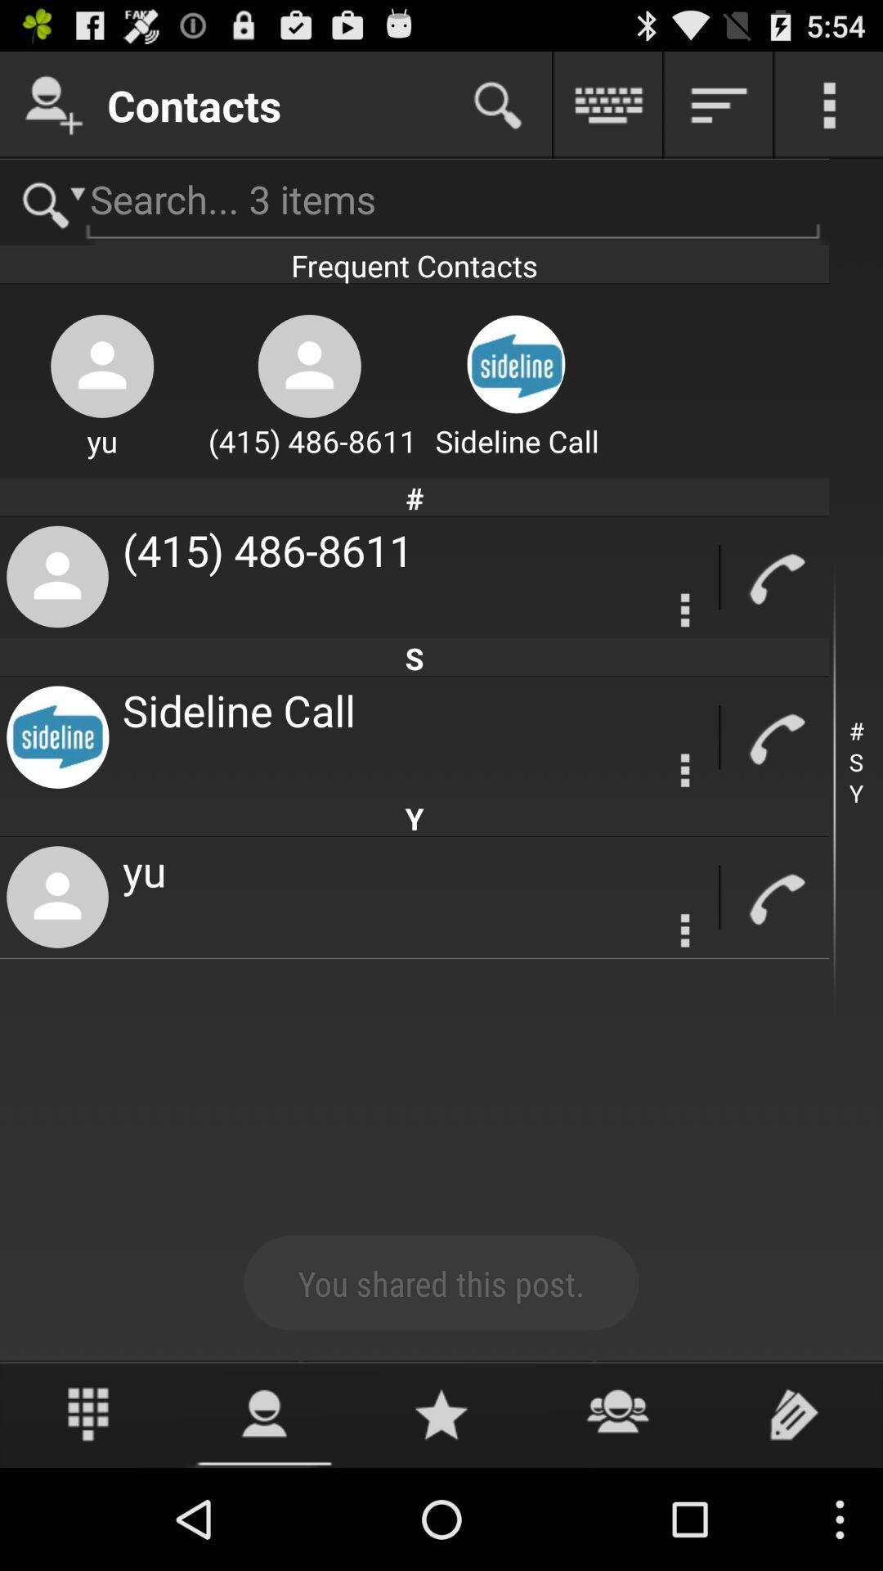  I want to click on to bring up numeral buttons like a phone, so click(88, 1413).